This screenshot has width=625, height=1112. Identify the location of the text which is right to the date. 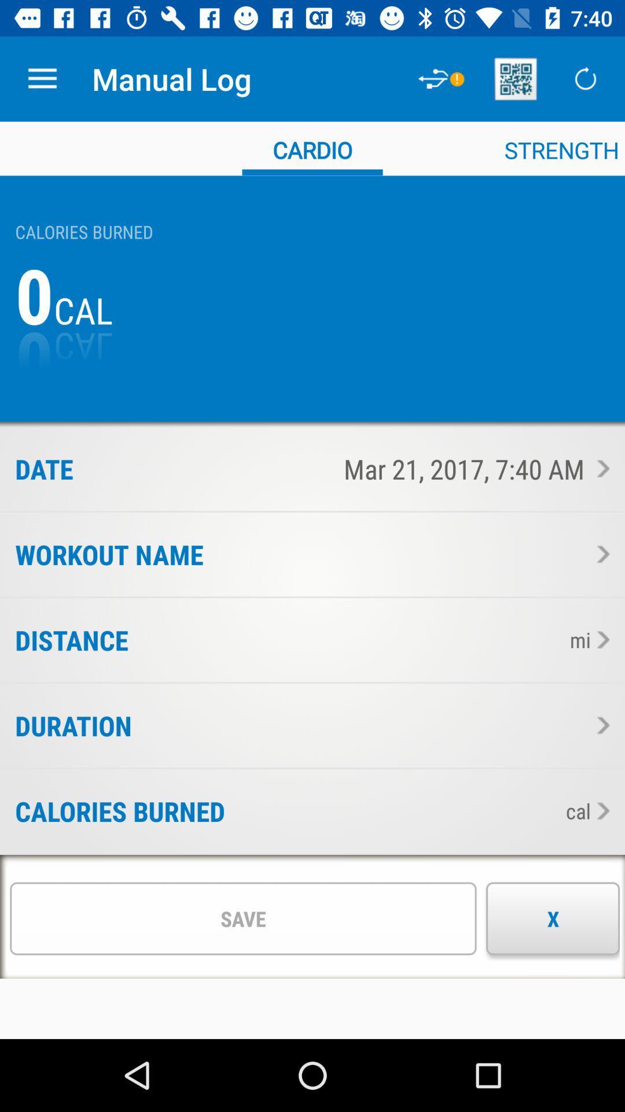
(341, 469).